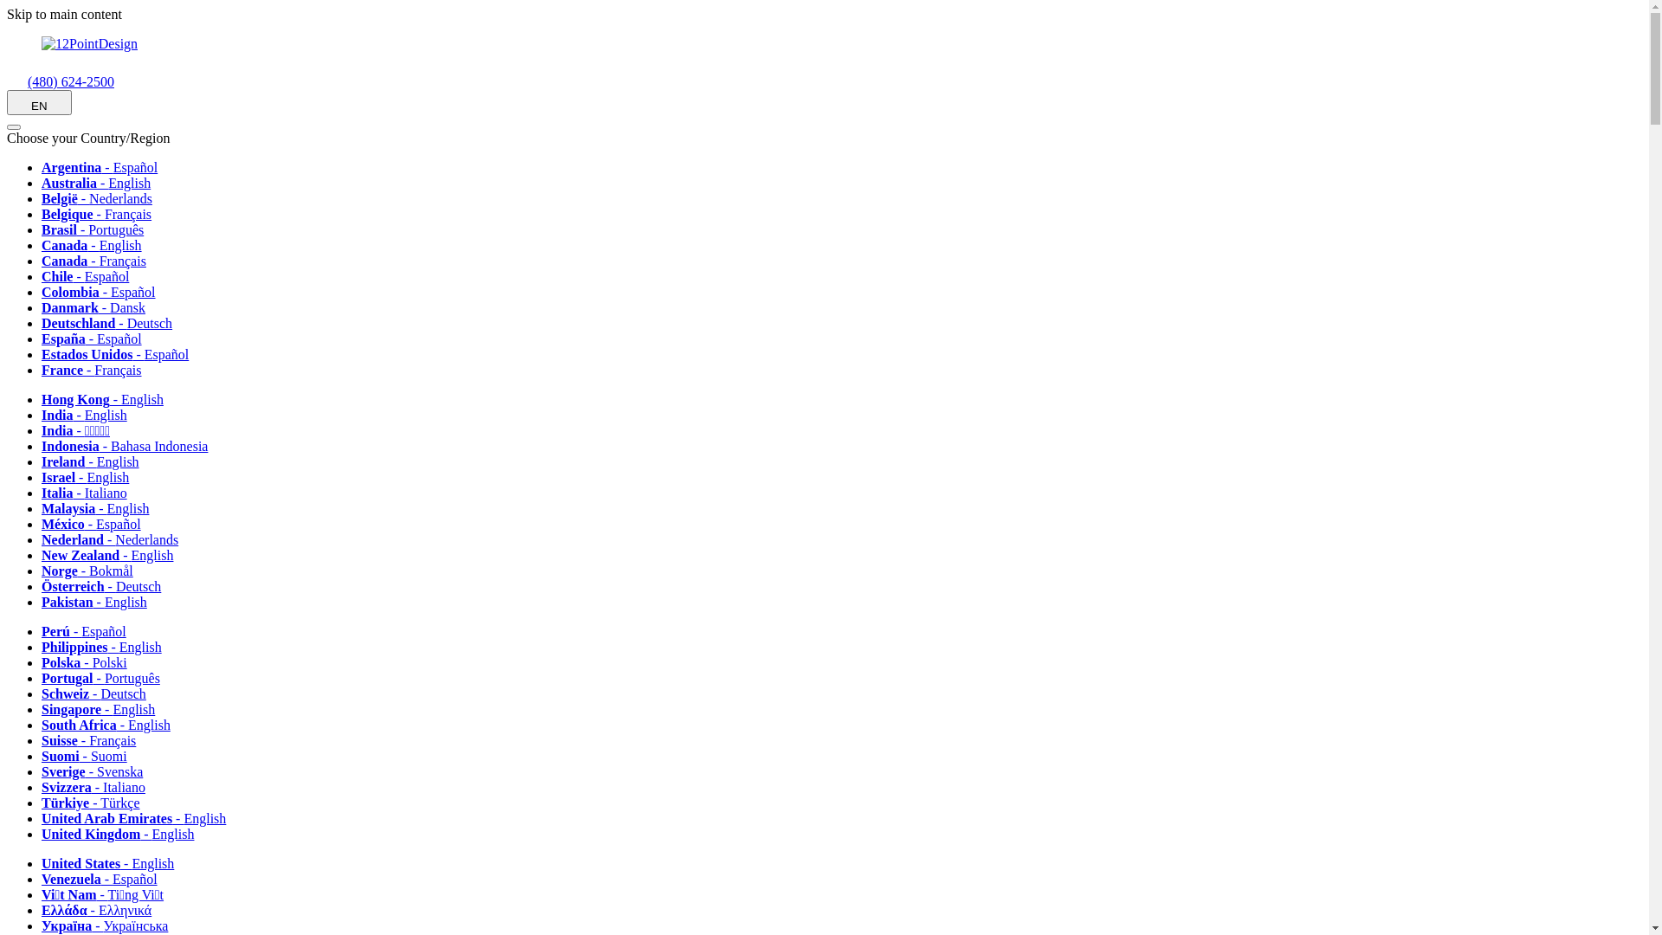  Describe the element at coordinates (7, 102) in the screenshot. I see `'EN'` at that location.